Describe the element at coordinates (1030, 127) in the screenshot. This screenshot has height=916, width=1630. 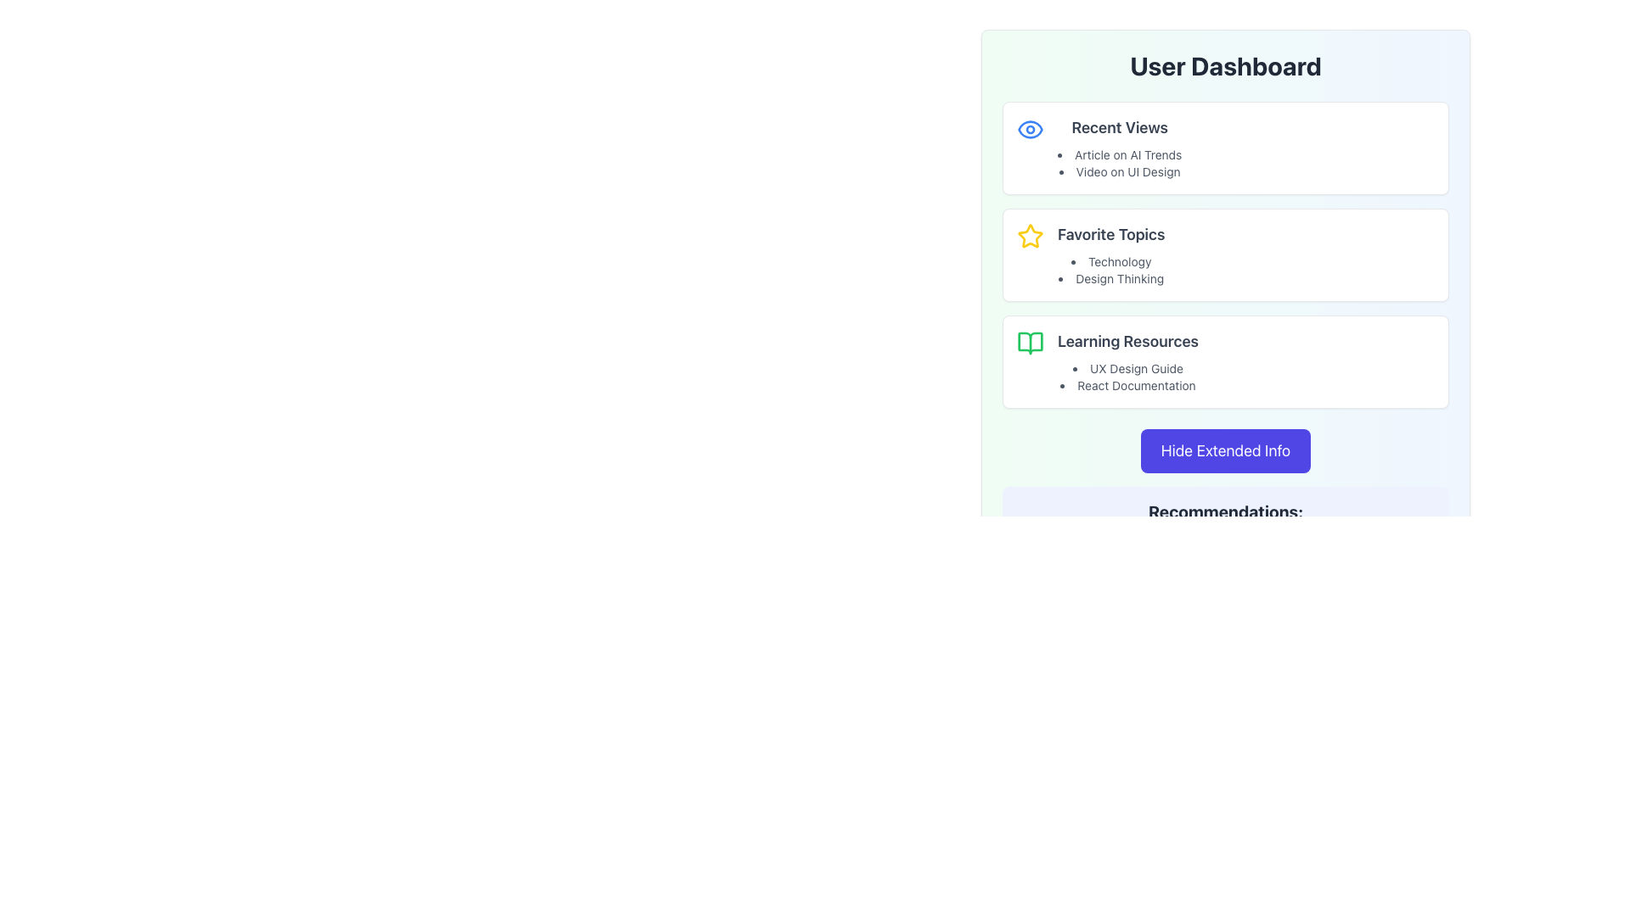
I see `the oval-shaped outer contour of the eye icon located in the top left corner of the 'Recent Views' section in the dashboard` at that location.